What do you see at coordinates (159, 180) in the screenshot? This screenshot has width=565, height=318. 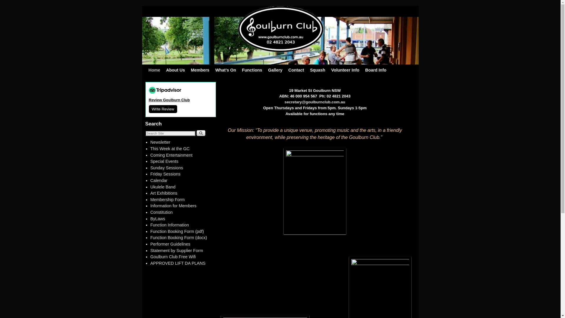 I see `'Calendar'` at bounding box center [159, 180].